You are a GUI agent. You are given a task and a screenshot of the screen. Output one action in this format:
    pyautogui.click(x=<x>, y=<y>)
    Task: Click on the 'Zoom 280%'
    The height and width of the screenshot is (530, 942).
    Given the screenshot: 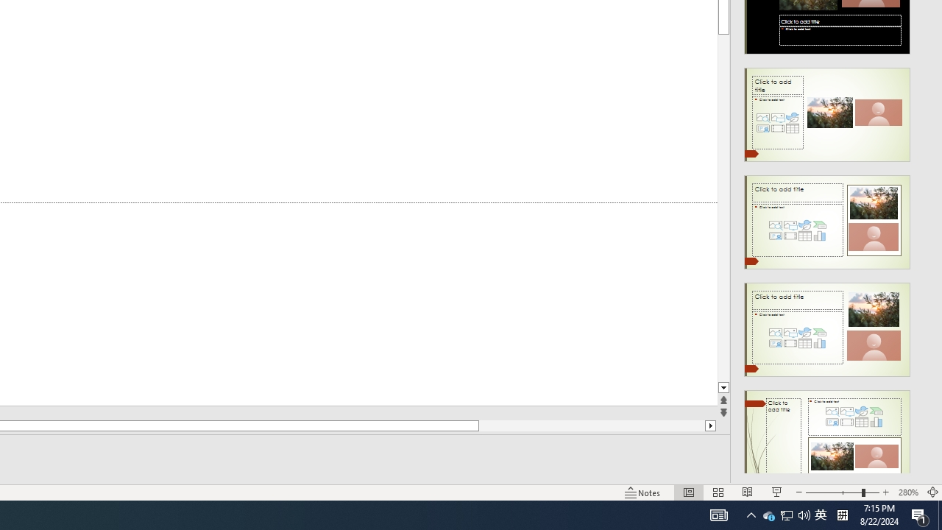 What is the action you would take?
    pyautogui.click(x=907, y=492)
    